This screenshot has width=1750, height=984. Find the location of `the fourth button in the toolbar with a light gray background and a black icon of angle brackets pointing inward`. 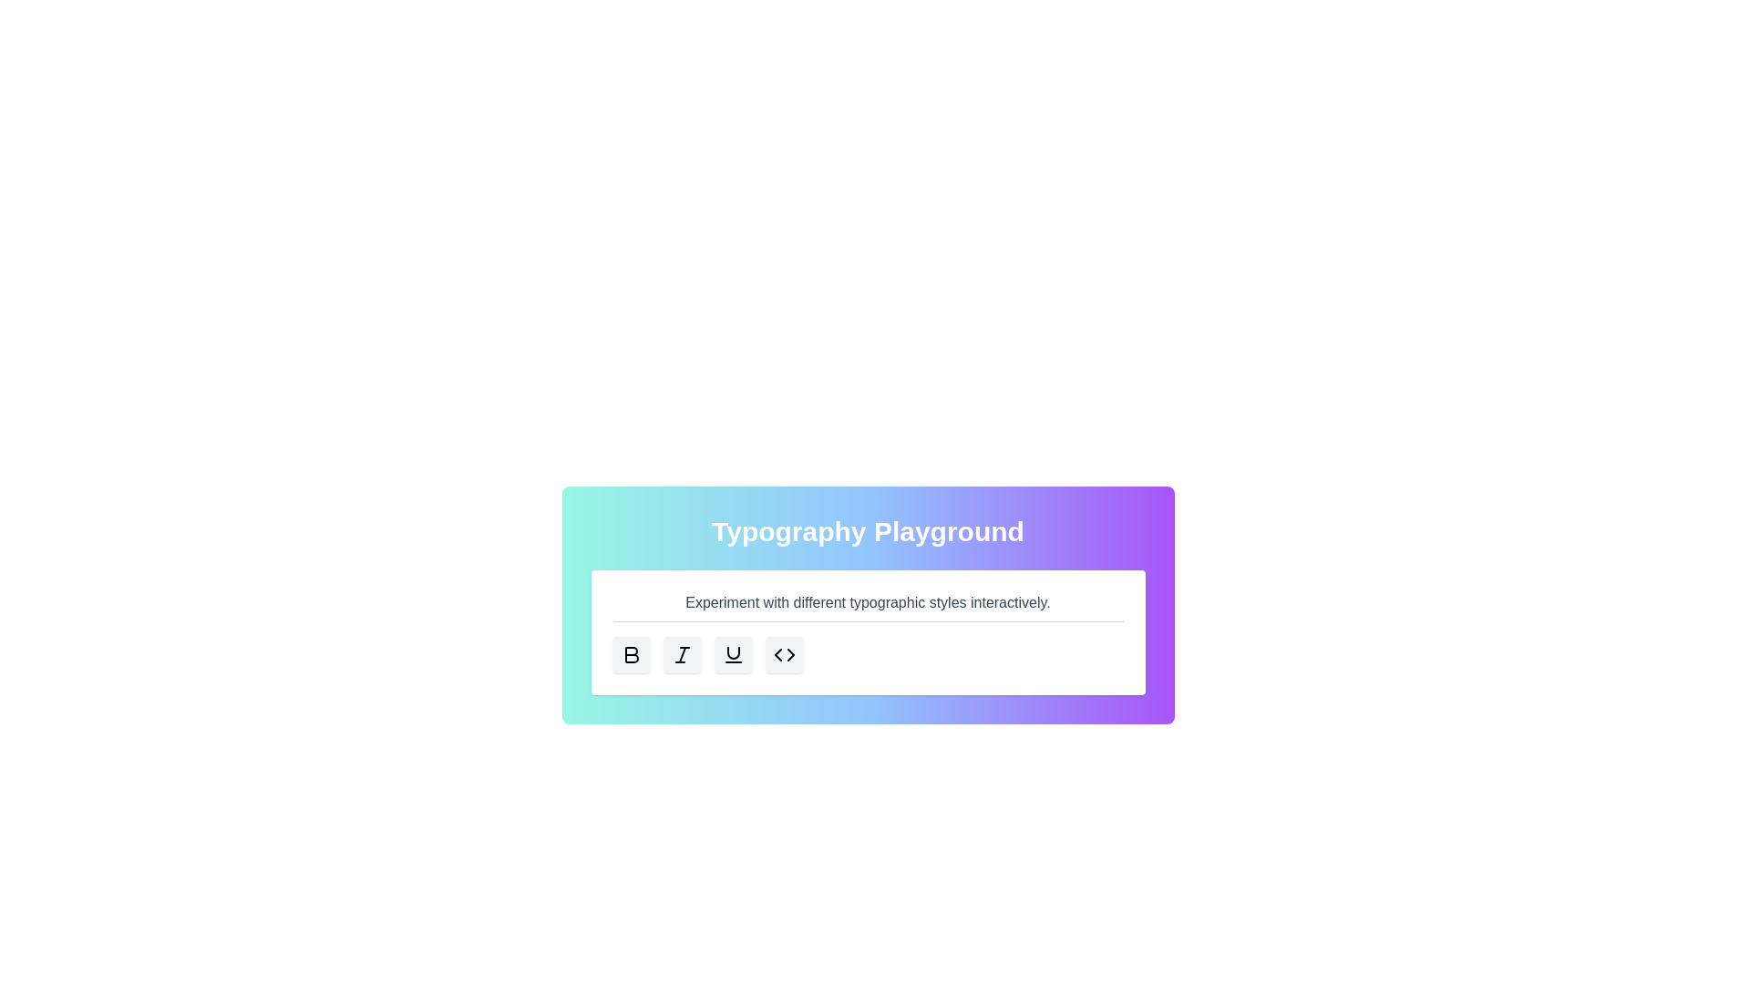

the fourth button in the toolbar with a light gray background and a black icon of angle brackets pointing inward is located at coordinates (784, 653).